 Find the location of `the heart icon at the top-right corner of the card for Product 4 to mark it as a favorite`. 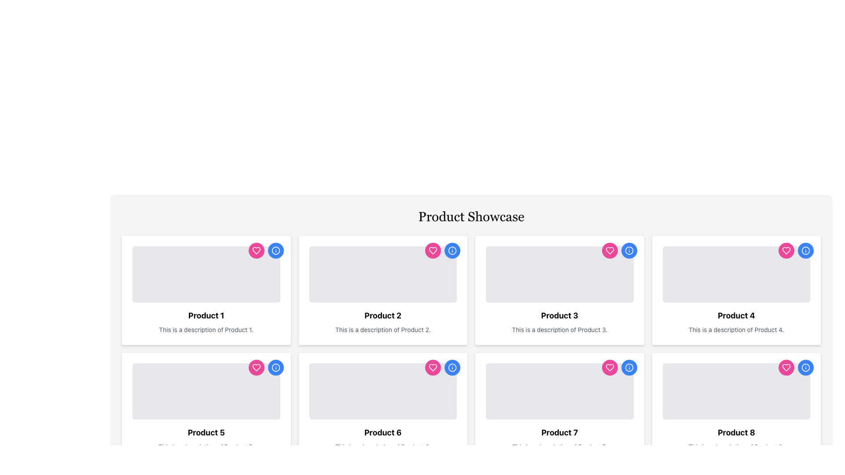

the heart icon at the top-right corner of the card for Product 4 to mark it as a favorite is located at coordinates (786, 368).